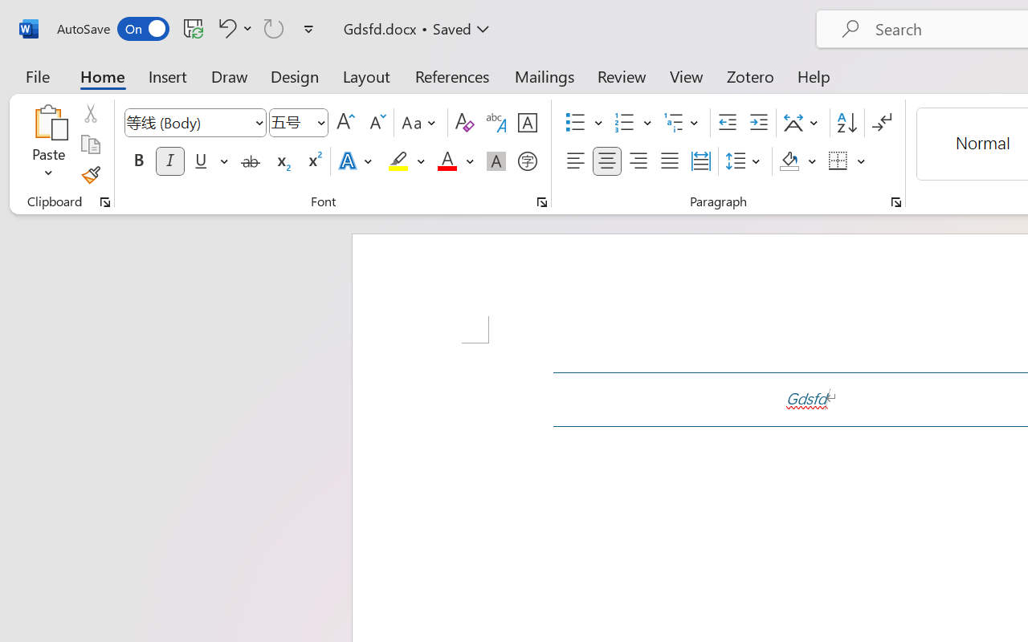  I want to click on 'Increase Indent', so click(757, 123).